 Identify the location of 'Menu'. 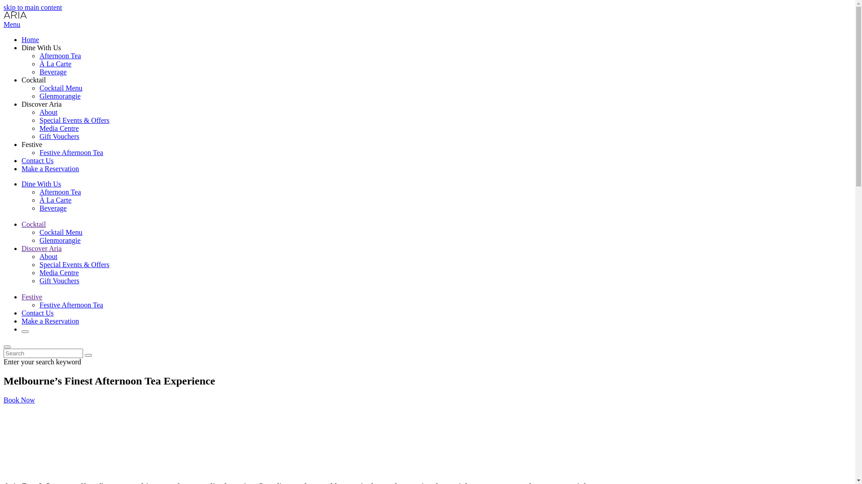
(12, 24).